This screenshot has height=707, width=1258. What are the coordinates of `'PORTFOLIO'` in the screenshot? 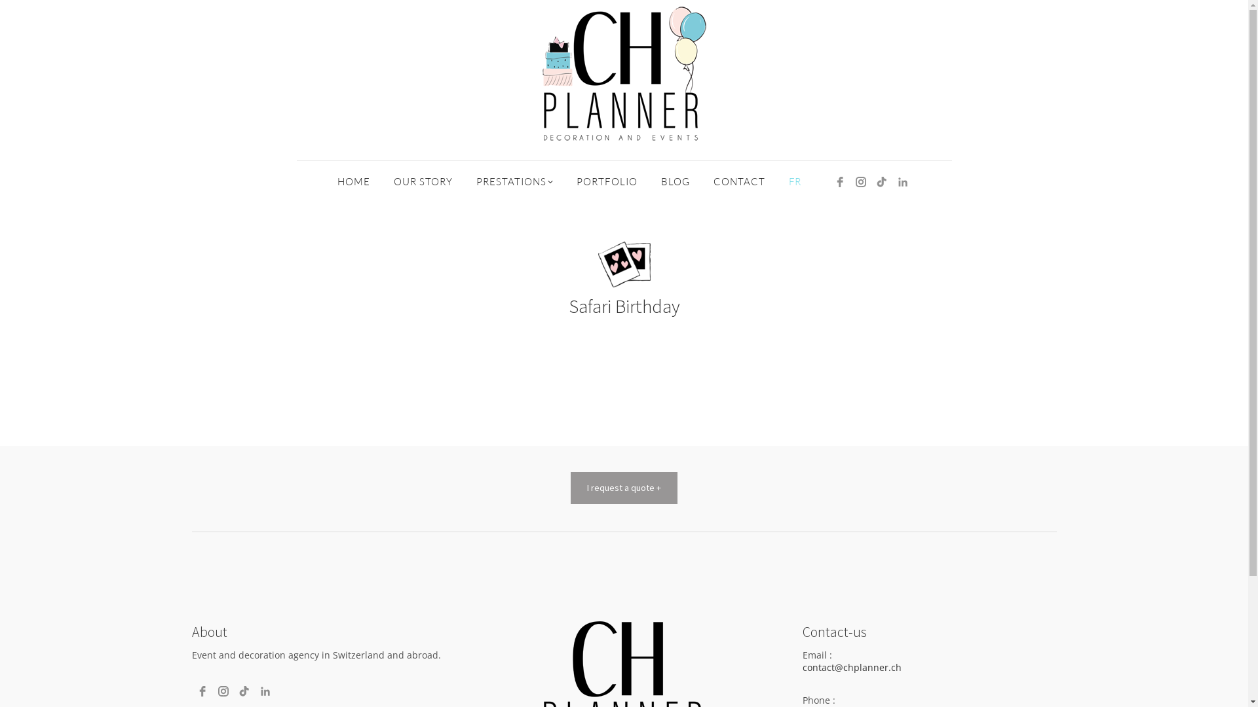 It's located at (606, 181).